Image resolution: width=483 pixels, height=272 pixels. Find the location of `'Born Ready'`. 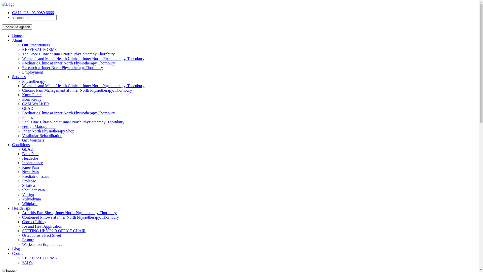

'Born Ready' is located at coordinates (22, 99).